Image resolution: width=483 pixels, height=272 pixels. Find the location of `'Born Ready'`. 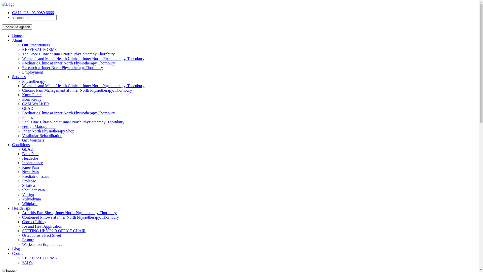

'Born Ready' is located at coordinates (22, 99).